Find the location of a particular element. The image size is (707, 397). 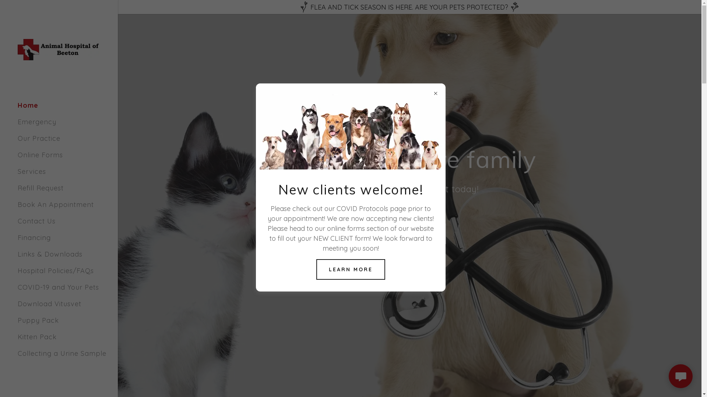

'Our Practice' is located at coordinates (18, 138).